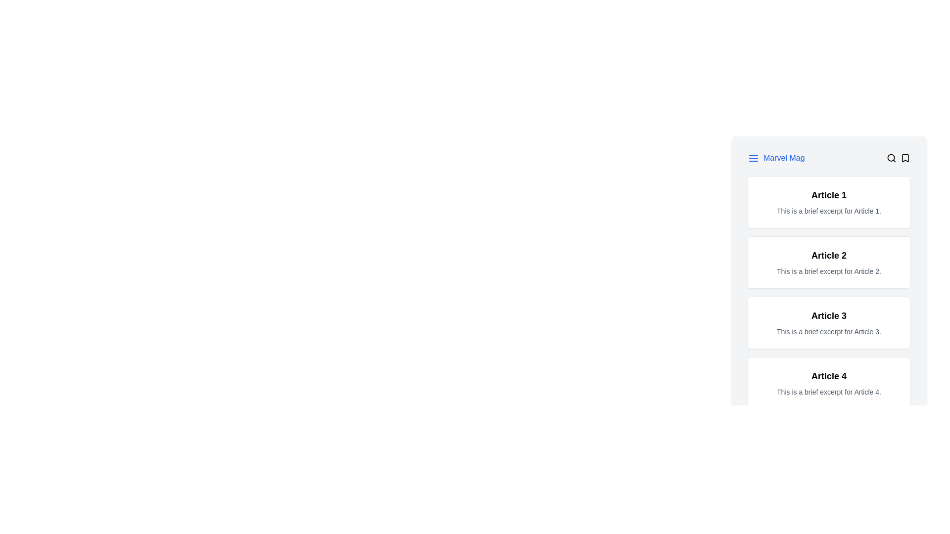 The image size is (950, 534). What do you see at coordinates (829, 271) in the screenshot?
I see `the text label providing a descriptive excerpt for the article titled 'Article 2', which is positioned below its title in the second card of the vertical list of articles` at bounding box center [829, 271].